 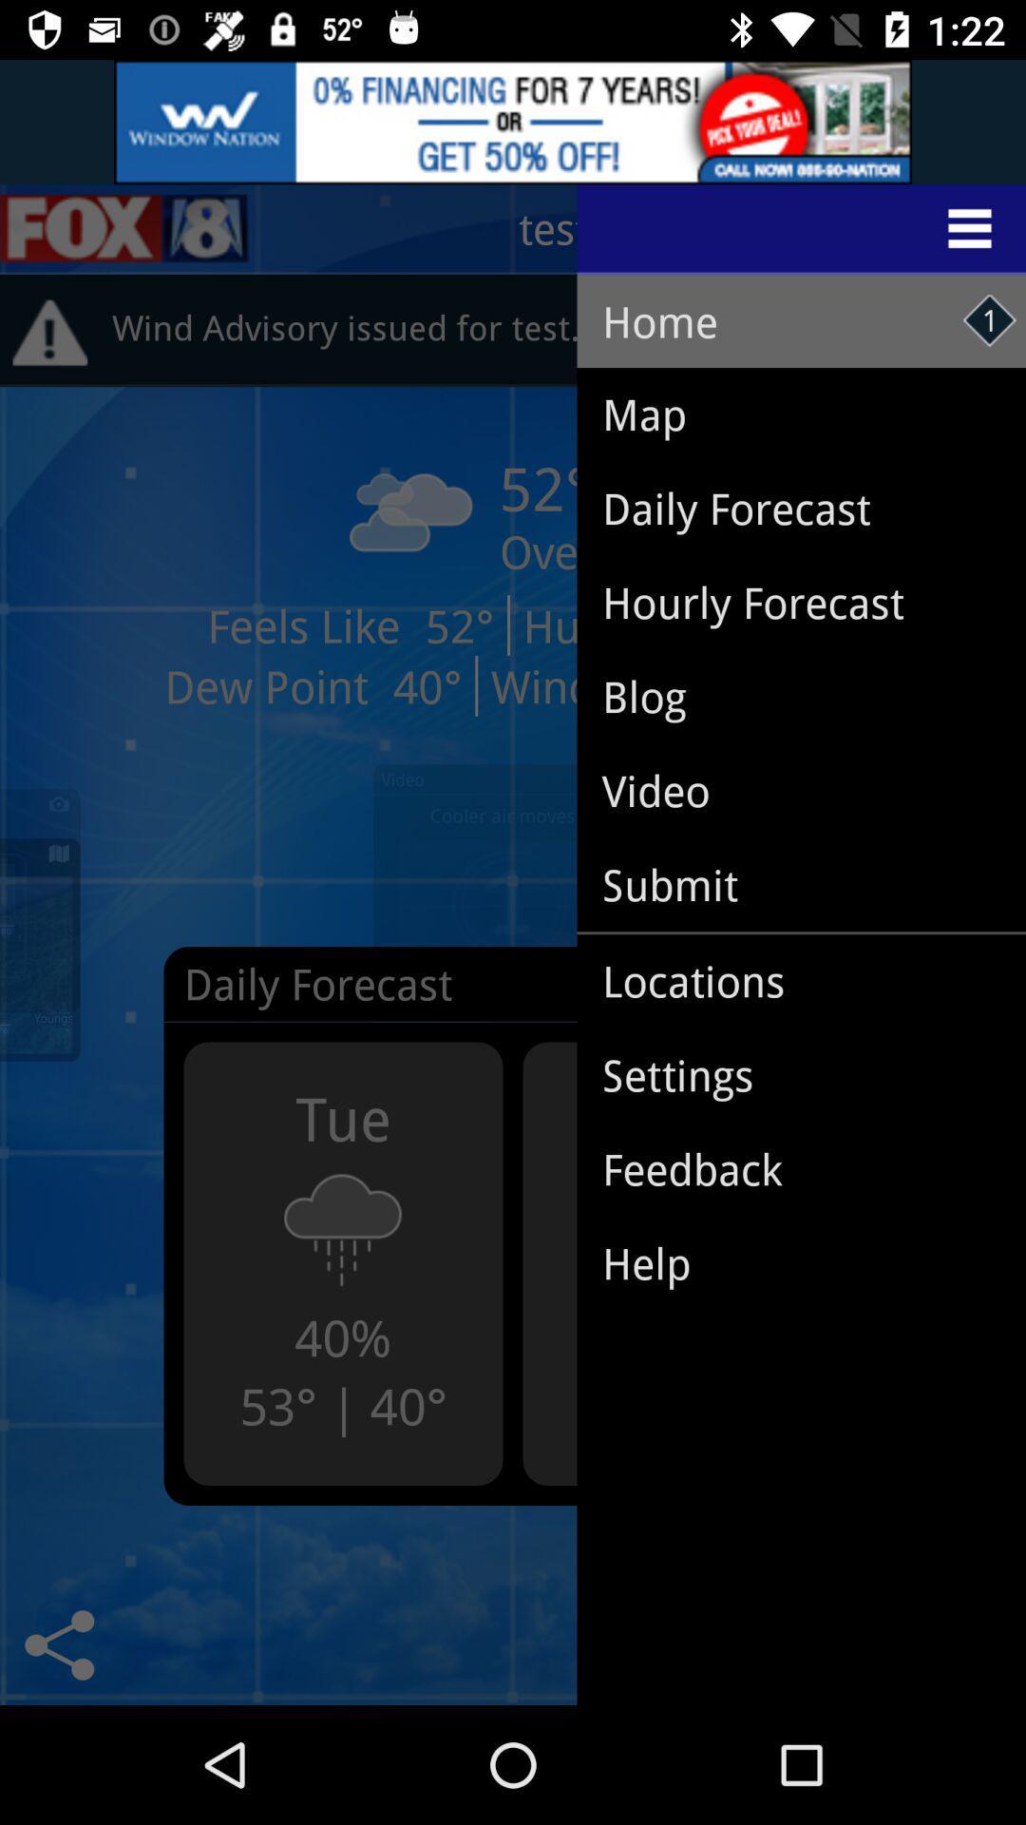 What do you see at coordinates (638, 684) in the screenshot?
I see `blog` at bounding box center [638, 684].